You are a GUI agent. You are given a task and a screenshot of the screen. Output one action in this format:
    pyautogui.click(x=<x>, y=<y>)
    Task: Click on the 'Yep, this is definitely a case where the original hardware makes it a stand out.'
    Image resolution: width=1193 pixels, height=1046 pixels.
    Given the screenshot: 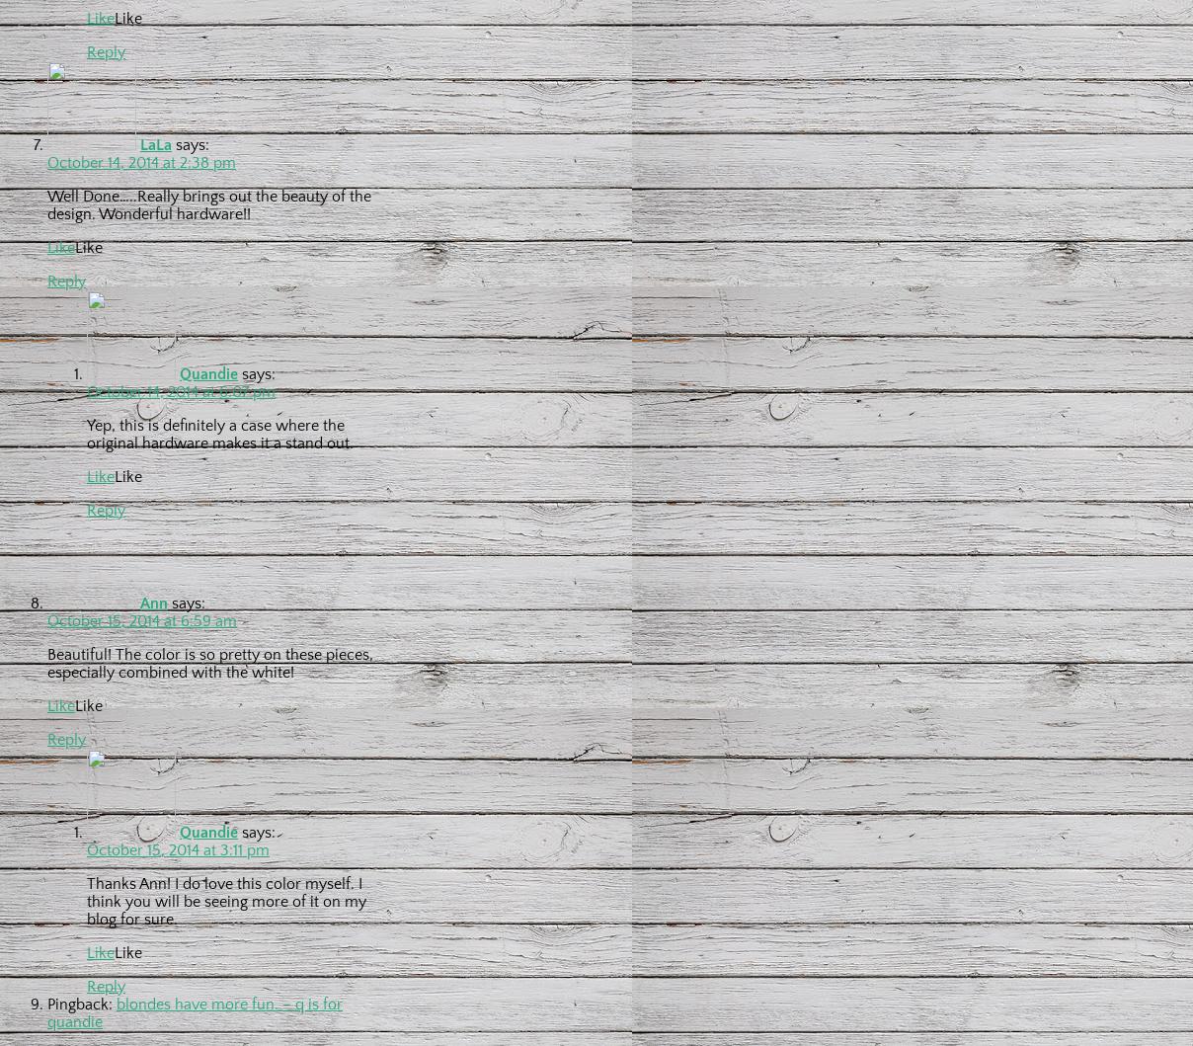 What is the action you would take?
    pyautogui.click(x=85, y=433)
    